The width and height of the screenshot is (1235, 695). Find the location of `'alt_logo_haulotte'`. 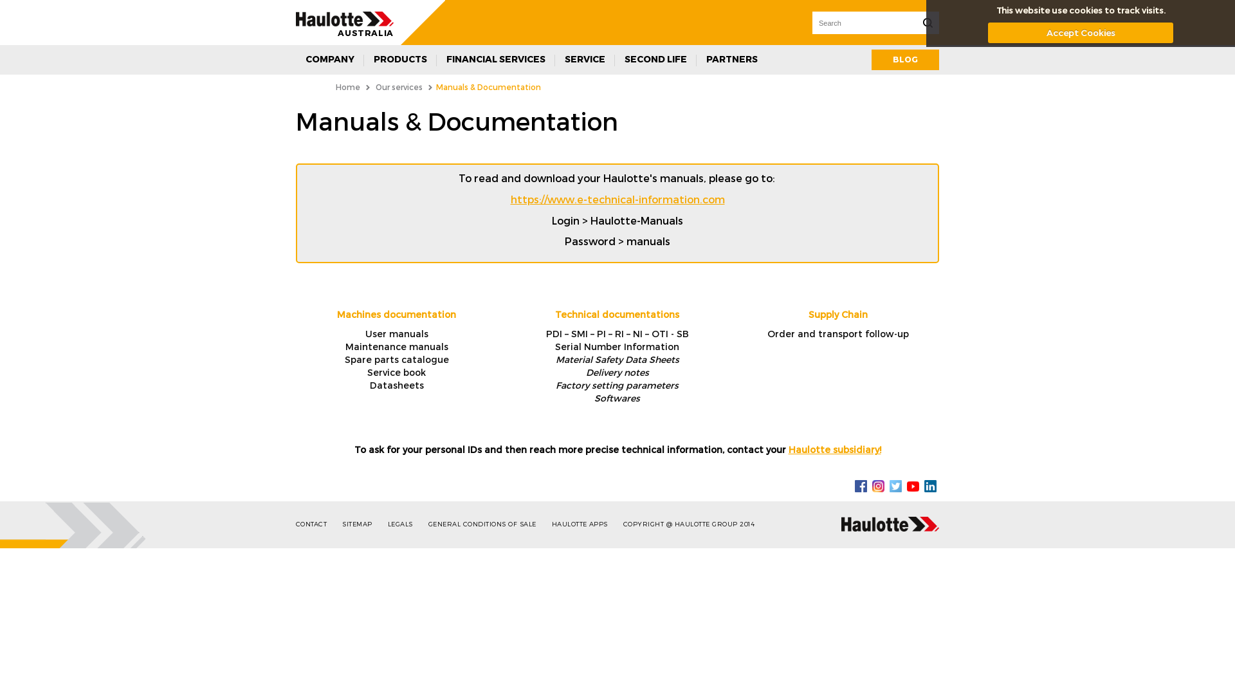

'alt_logo_haulotte' is located at coordinates (345, 19).